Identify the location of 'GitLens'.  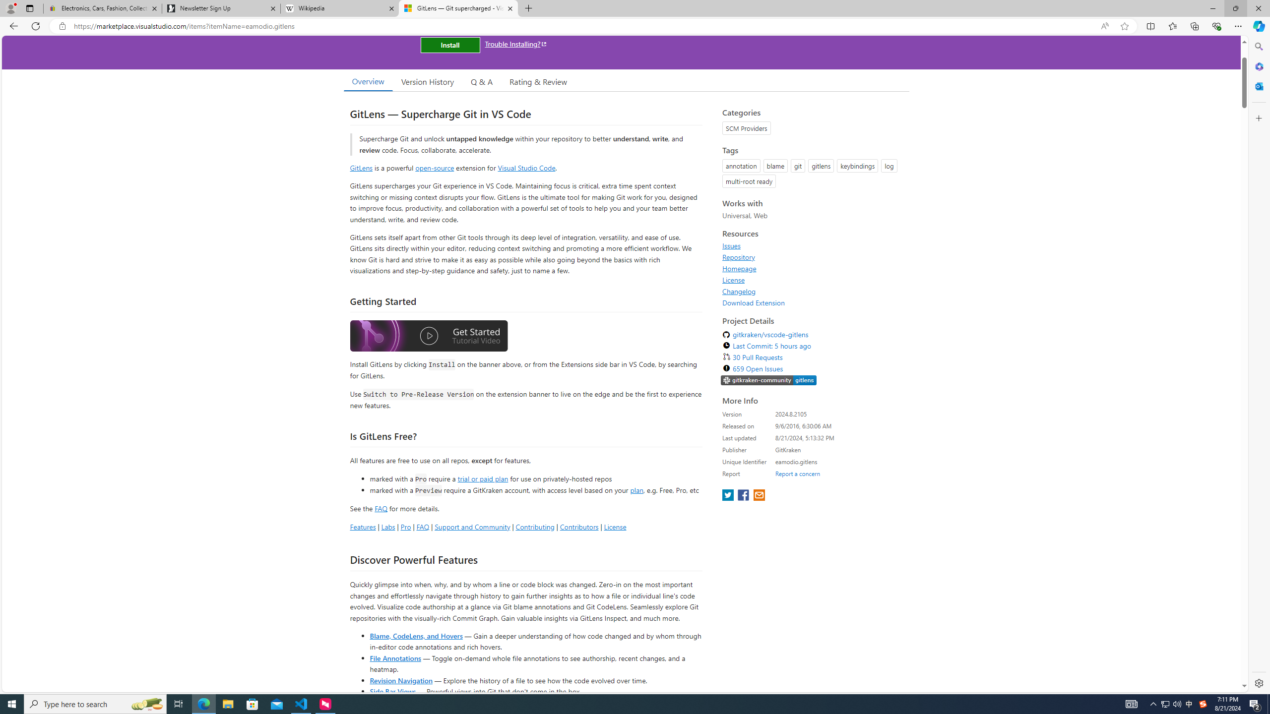
(361, 167).